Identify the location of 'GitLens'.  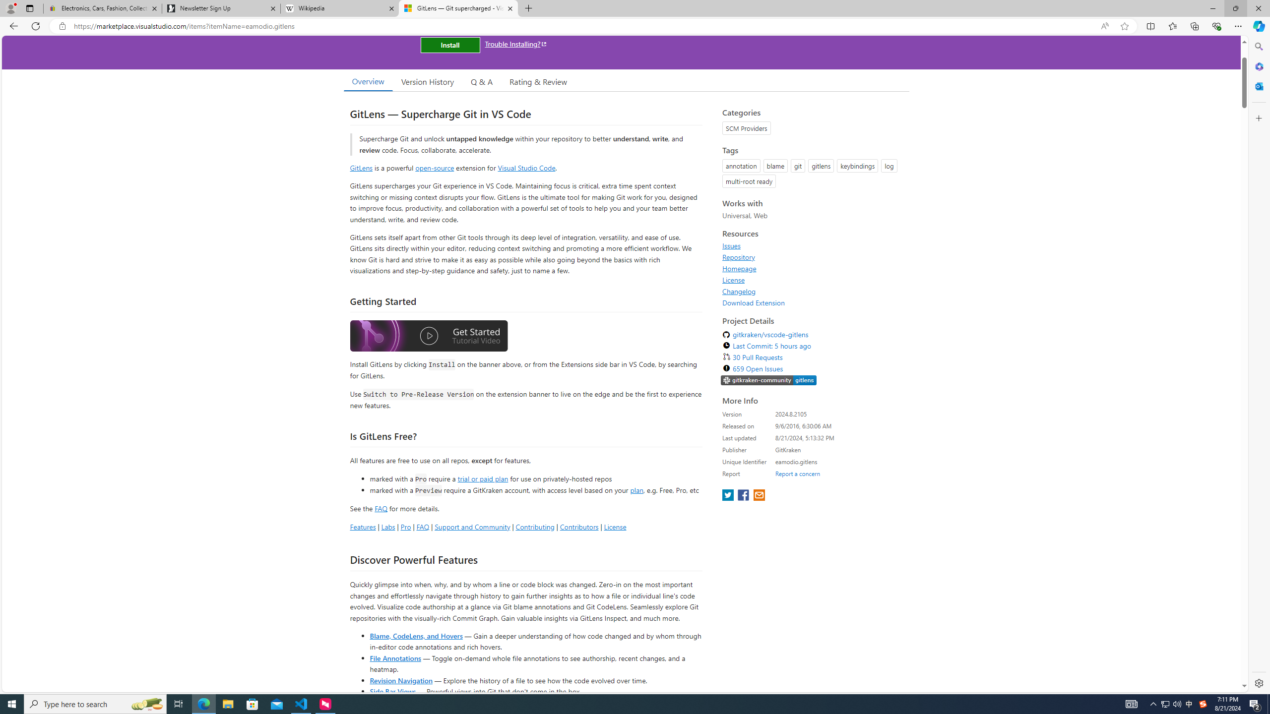
(361, 167).